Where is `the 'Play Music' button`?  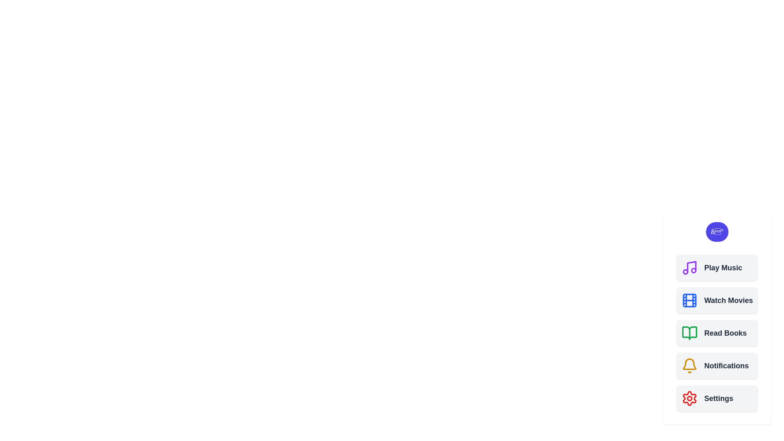
the 'Play Music' button is located at coordinates (717, 267).